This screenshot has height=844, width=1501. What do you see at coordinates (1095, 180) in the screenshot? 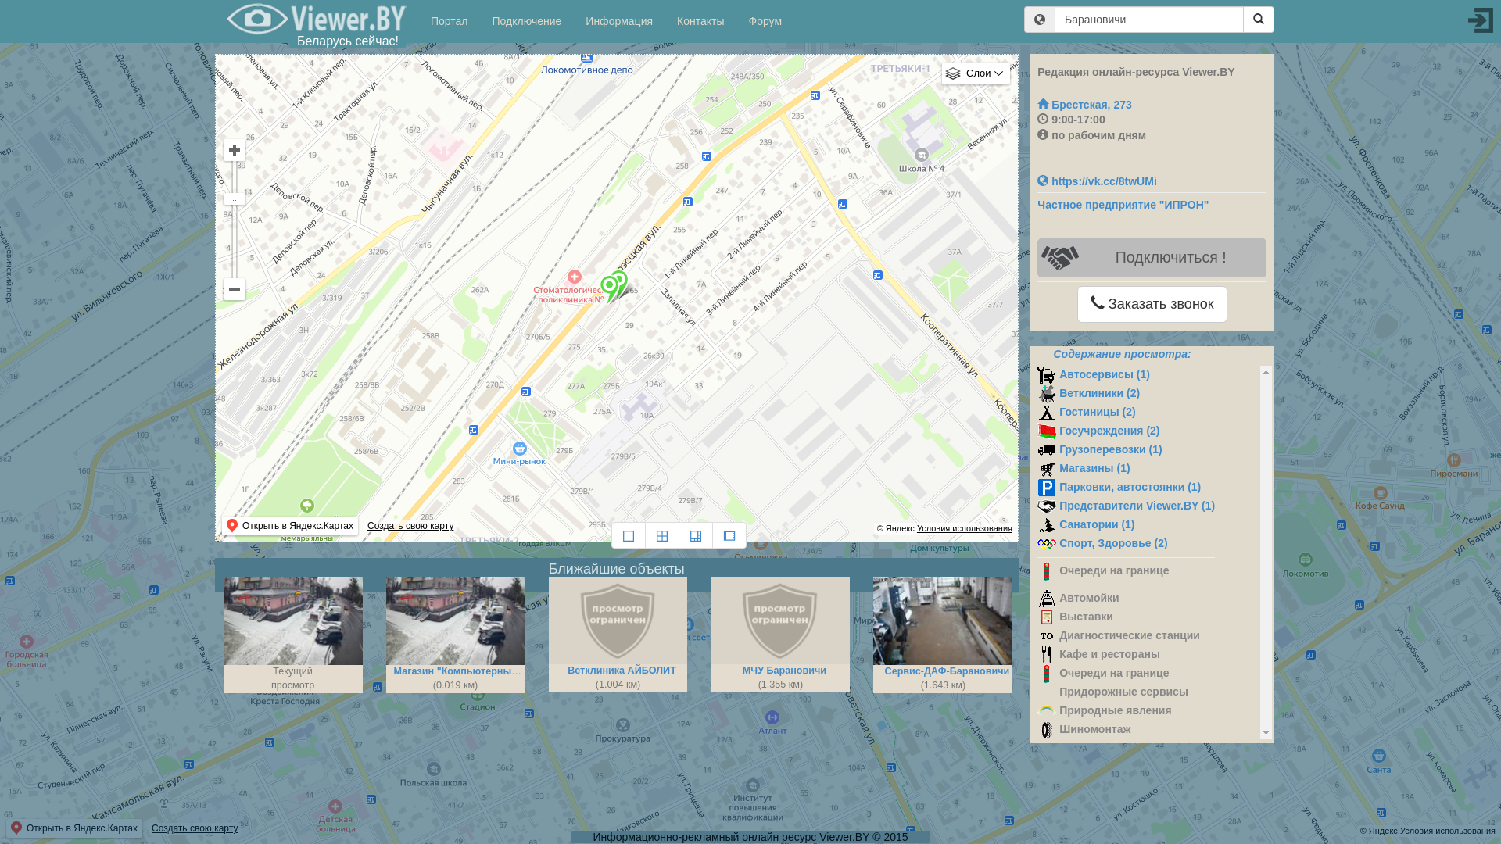
I see `'https://vk.cc/8twUMi'` at bounding box center [1095, 180].